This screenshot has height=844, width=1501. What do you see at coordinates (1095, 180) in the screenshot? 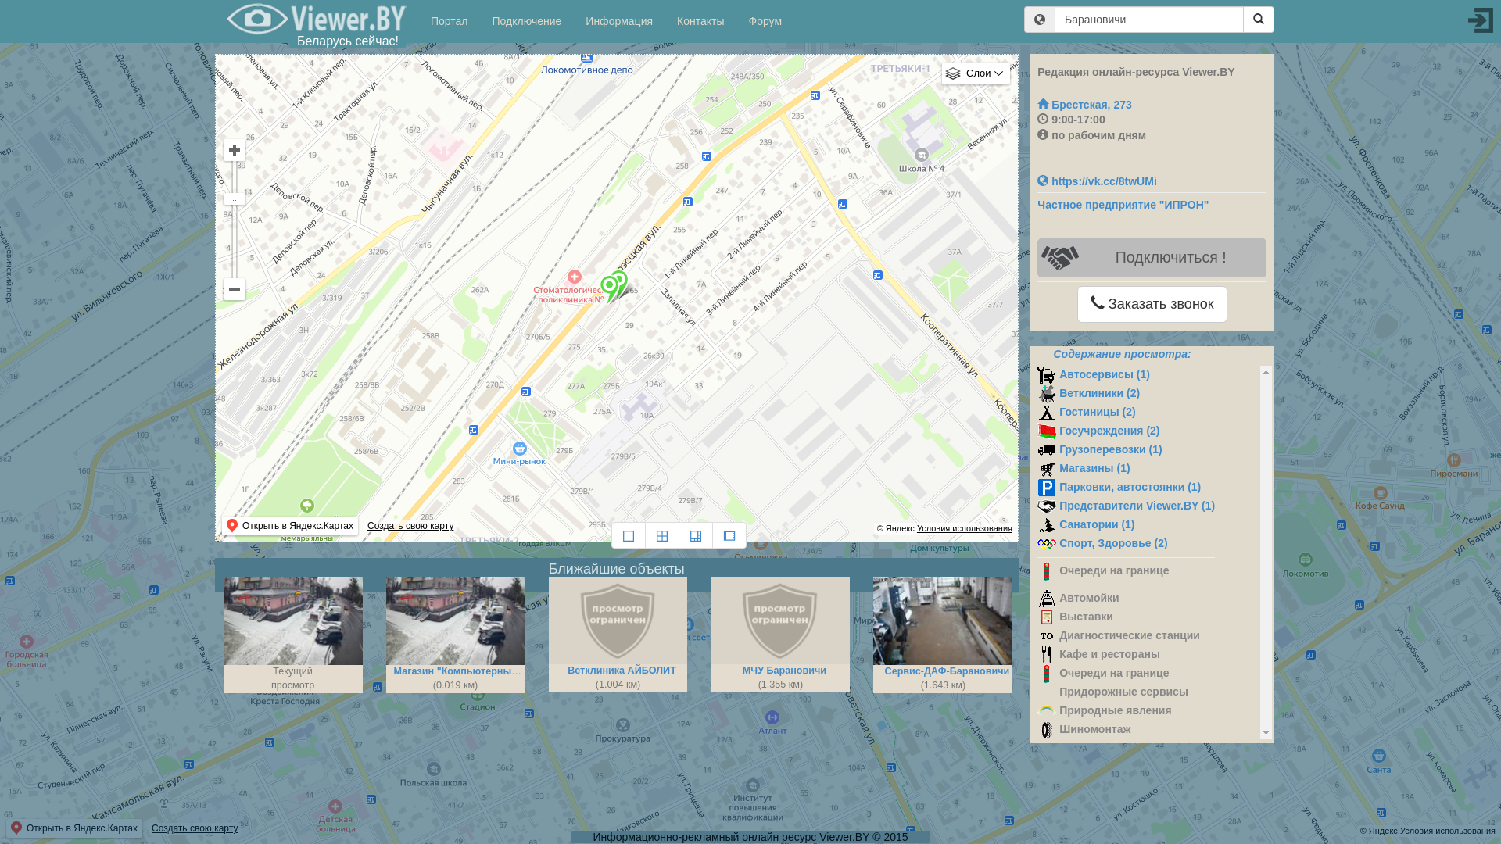
I see `'https://vk.cc/8twUMi'` at bounding box center [1095, 180].